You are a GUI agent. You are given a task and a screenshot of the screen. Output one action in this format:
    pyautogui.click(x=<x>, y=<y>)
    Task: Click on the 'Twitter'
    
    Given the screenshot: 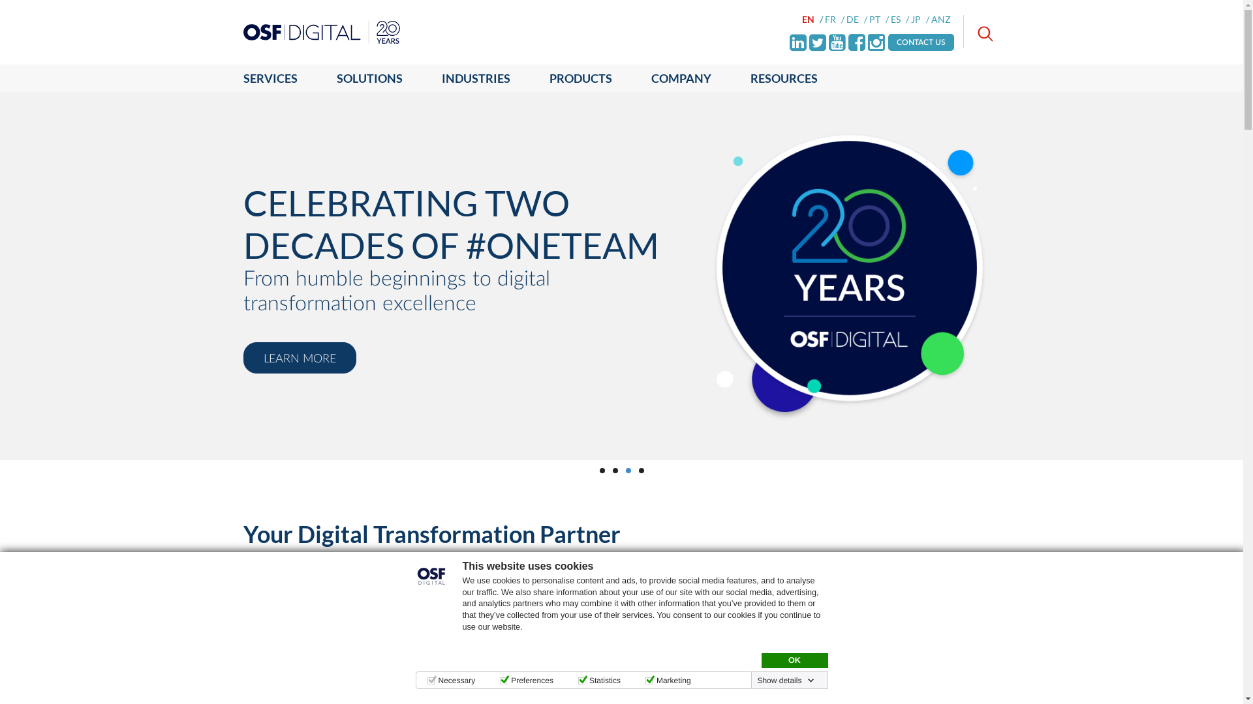 What is the action you would take?
    pyautogui.click(x=816, y=42)
    